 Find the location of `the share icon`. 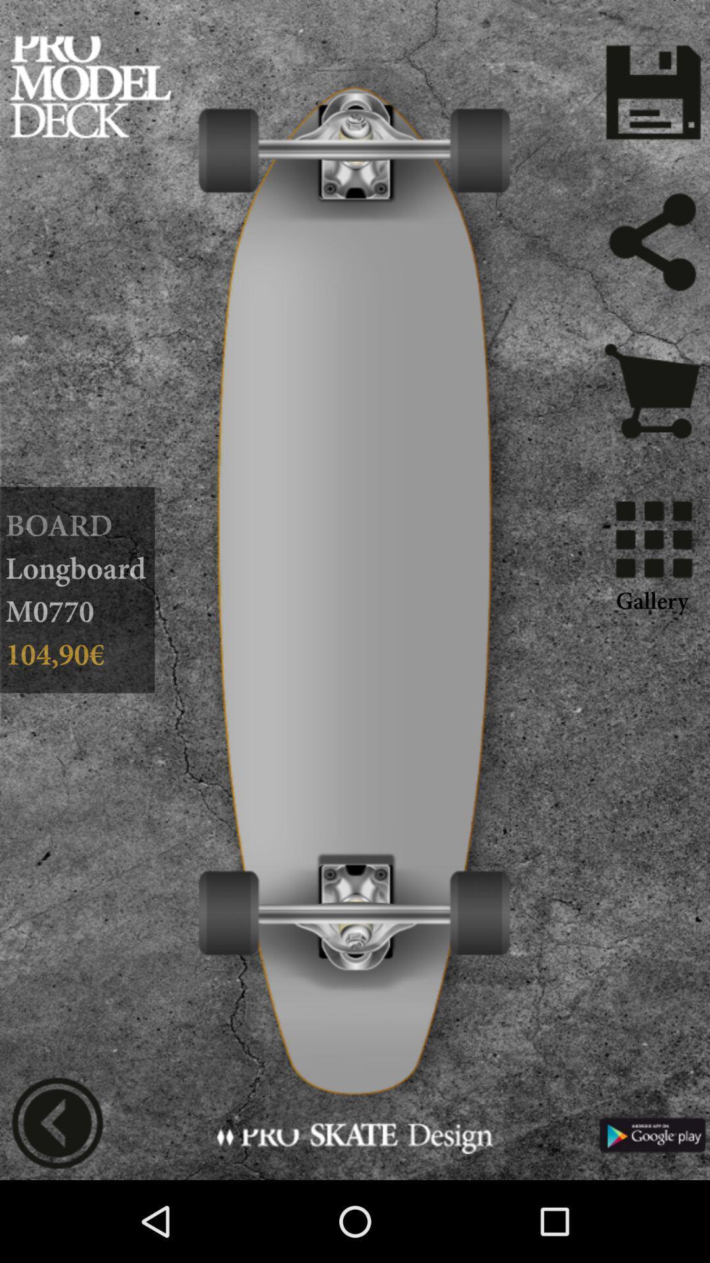

the share icon is located at coordinates (652, 258).